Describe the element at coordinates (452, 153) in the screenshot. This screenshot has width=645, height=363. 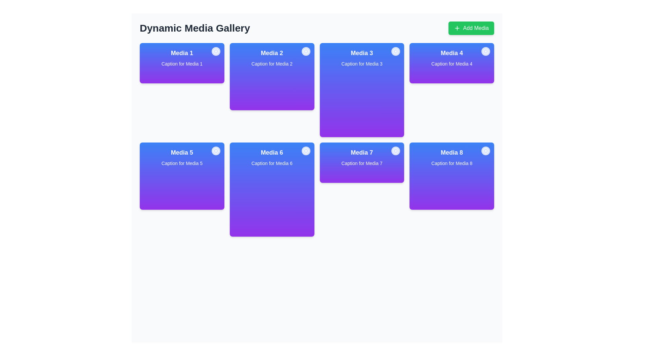
I see `the text label displaying 'Media 8' which is styled with a larger font weight and is located at the top of the rightmost card in the last row of a grid layout` at that location.